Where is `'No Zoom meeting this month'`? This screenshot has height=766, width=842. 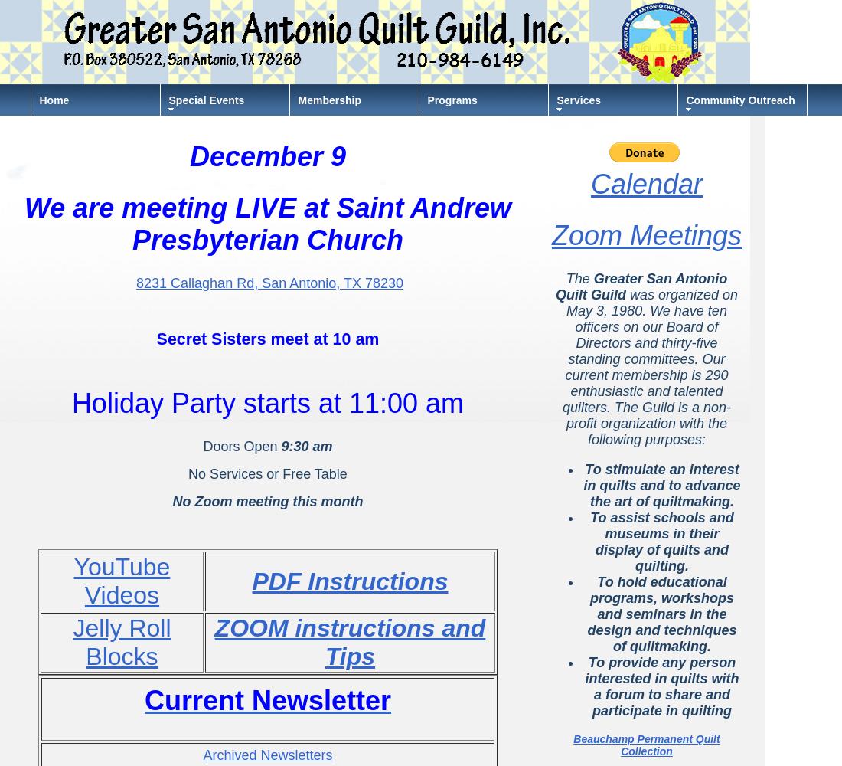
'No Zoom meeting this month' is located at coordinates (171, 502).